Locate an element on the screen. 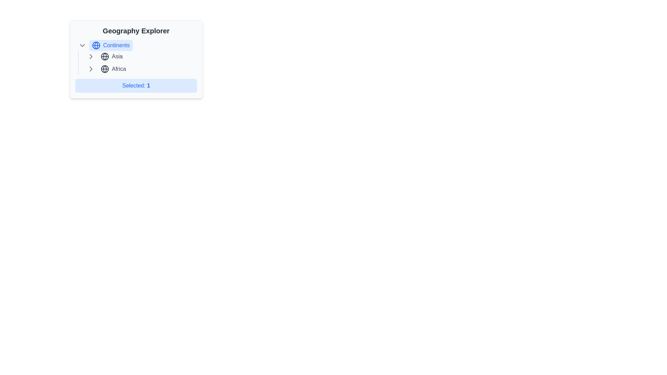  the 'Continents' button with a globe icon in the 'Geography Explorer' panel is located at coordinates (110, 45).